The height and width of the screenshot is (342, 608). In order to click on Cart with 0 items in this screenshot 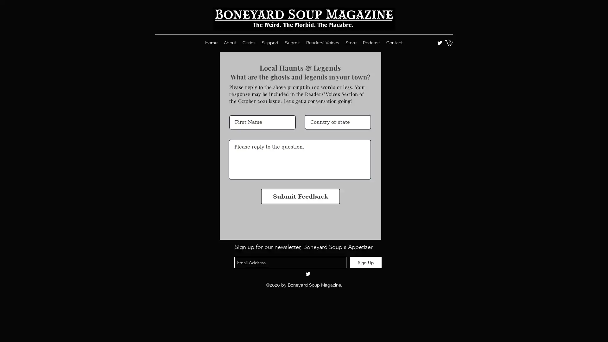, I will do `click(448, 43)`.